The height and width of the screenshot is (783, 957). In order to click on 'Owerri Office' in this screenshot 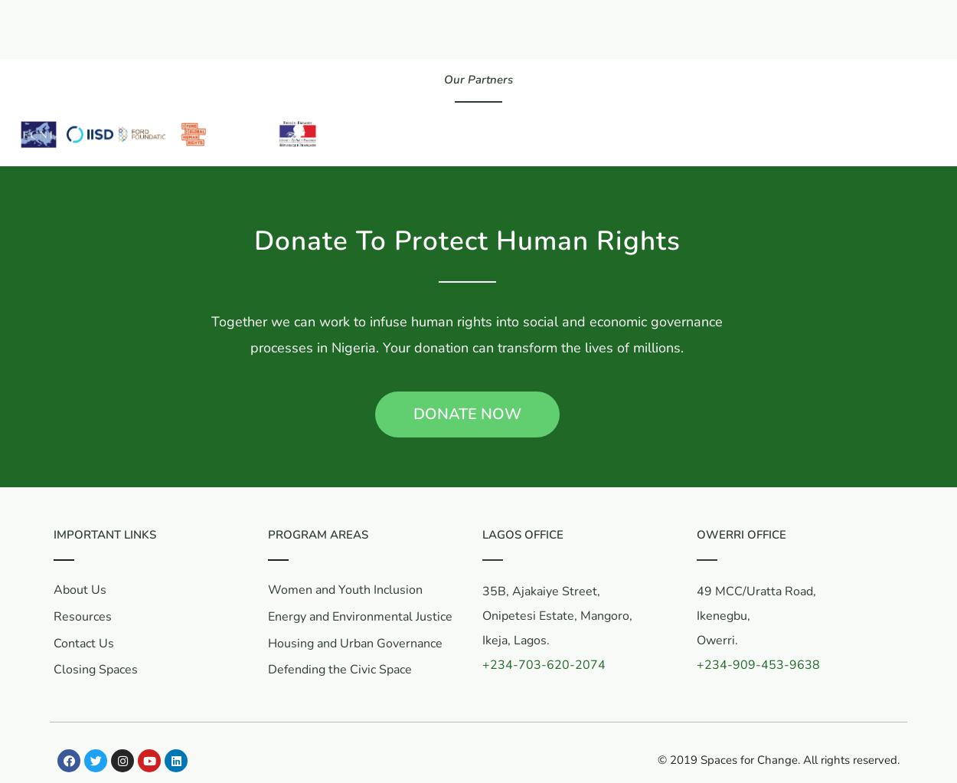, I will do `click(697, 535)`.